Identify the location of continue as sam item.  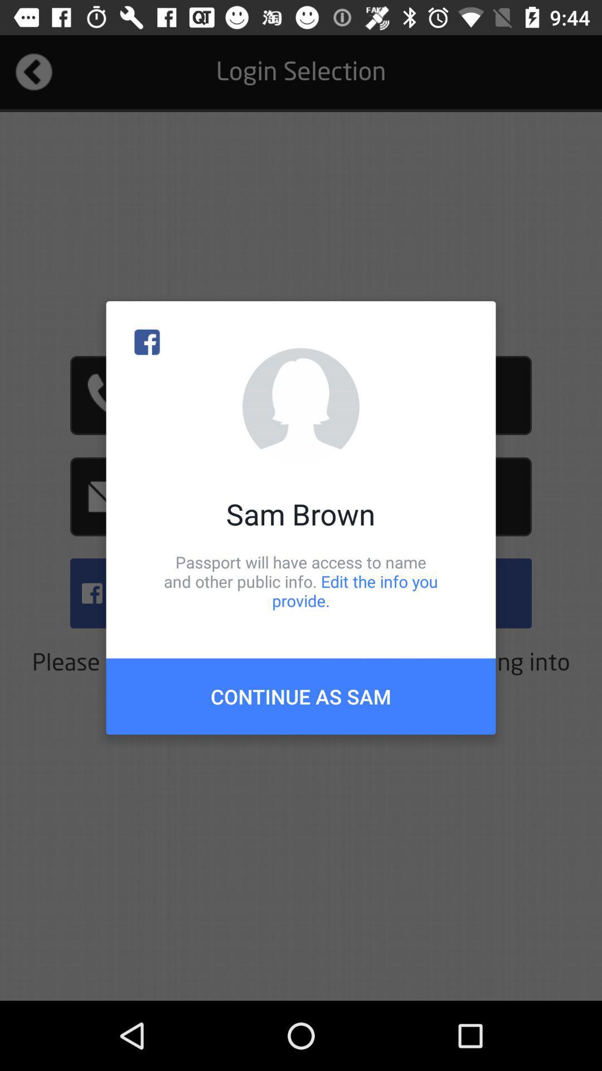
(301, 696).